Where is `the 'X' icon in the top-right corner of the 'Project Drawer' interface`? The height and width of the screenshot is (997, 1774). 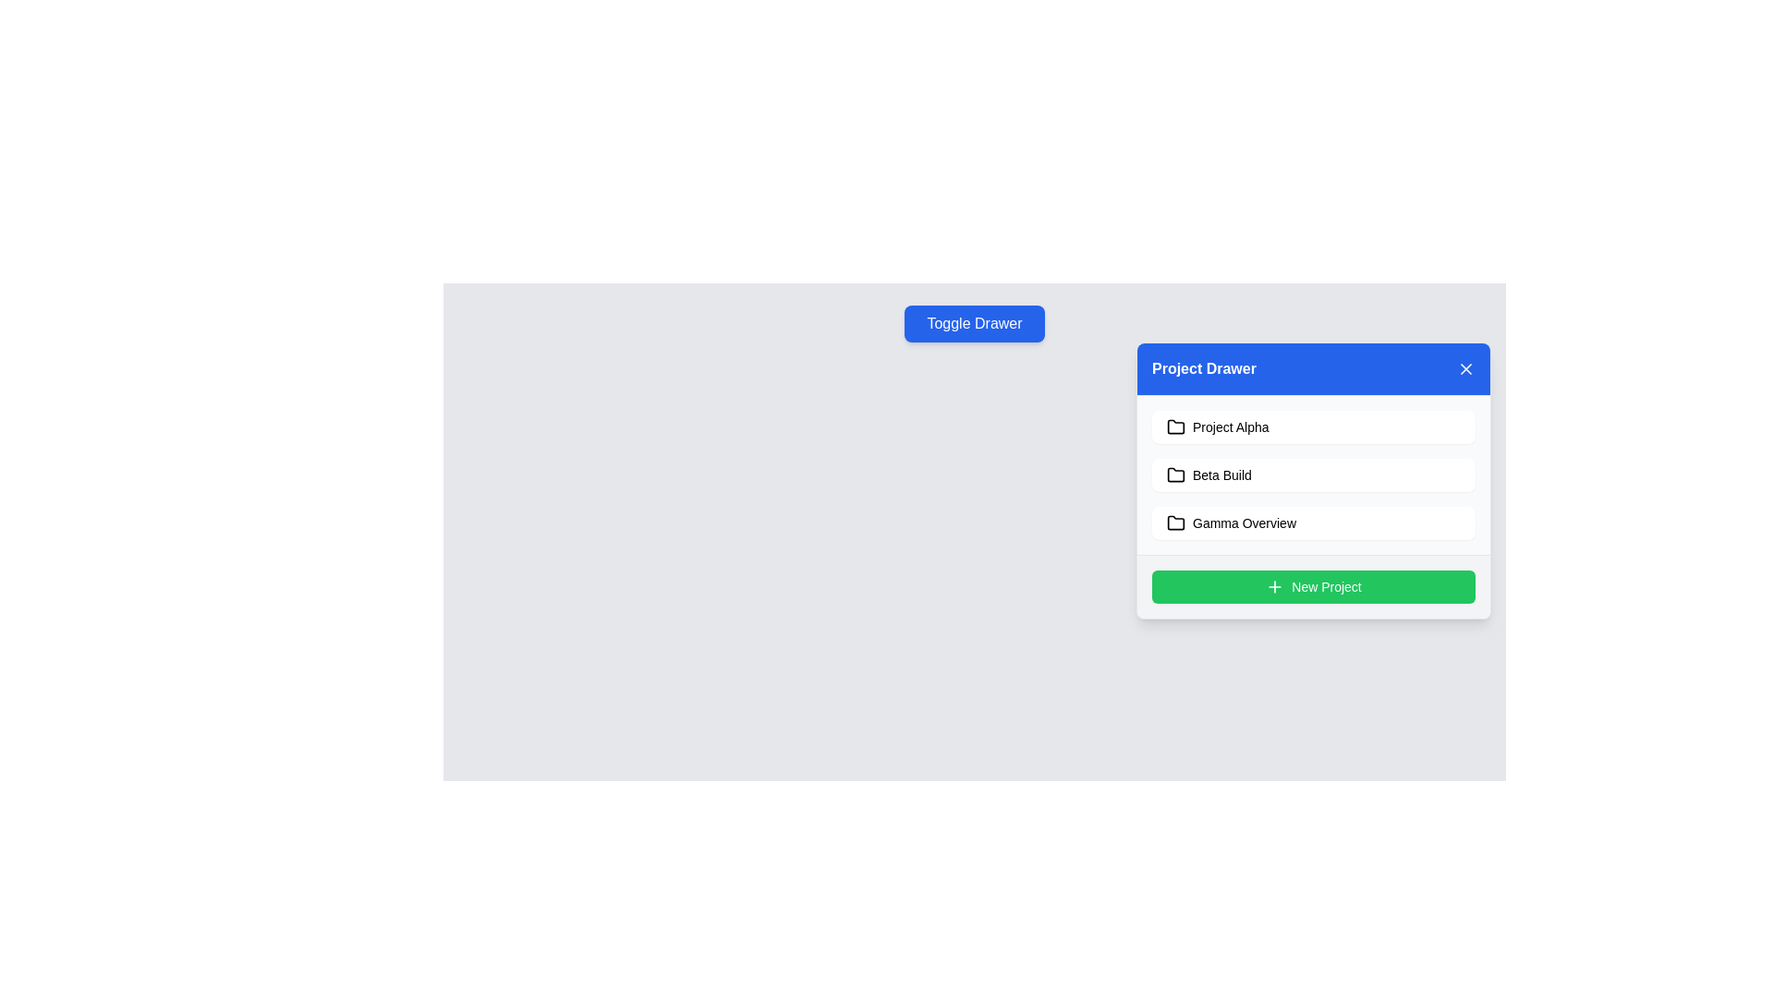 the 'X' icon in the top-right corner of the 'Project Drawer' interface is located at coordinates (1465, 369).